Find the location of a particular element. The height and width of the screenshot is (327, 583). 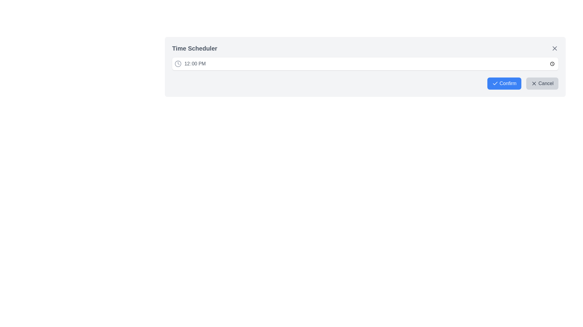

the checkmark icon which is part of the 'Confirm' button, located towards the center-right of the modal dialog box, adjacent to the text 'Confirm' is located at coordinates (495, 83).